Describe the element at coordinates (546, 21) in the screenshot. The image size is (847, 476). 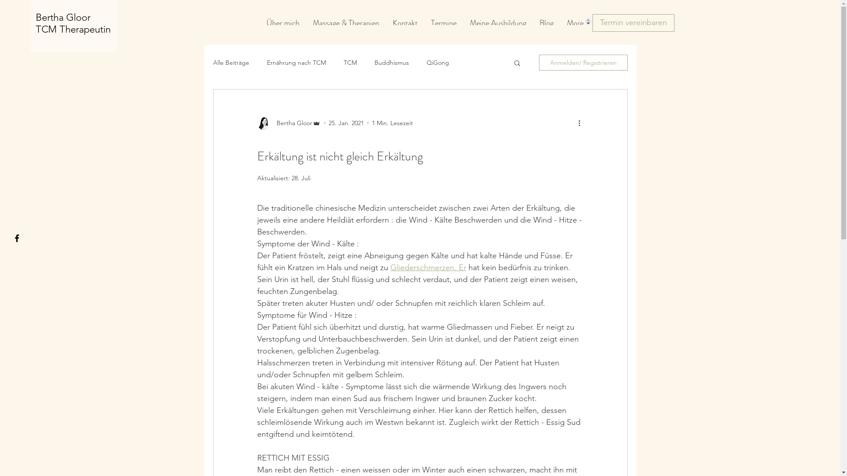
I see `'Blog'` at that location.